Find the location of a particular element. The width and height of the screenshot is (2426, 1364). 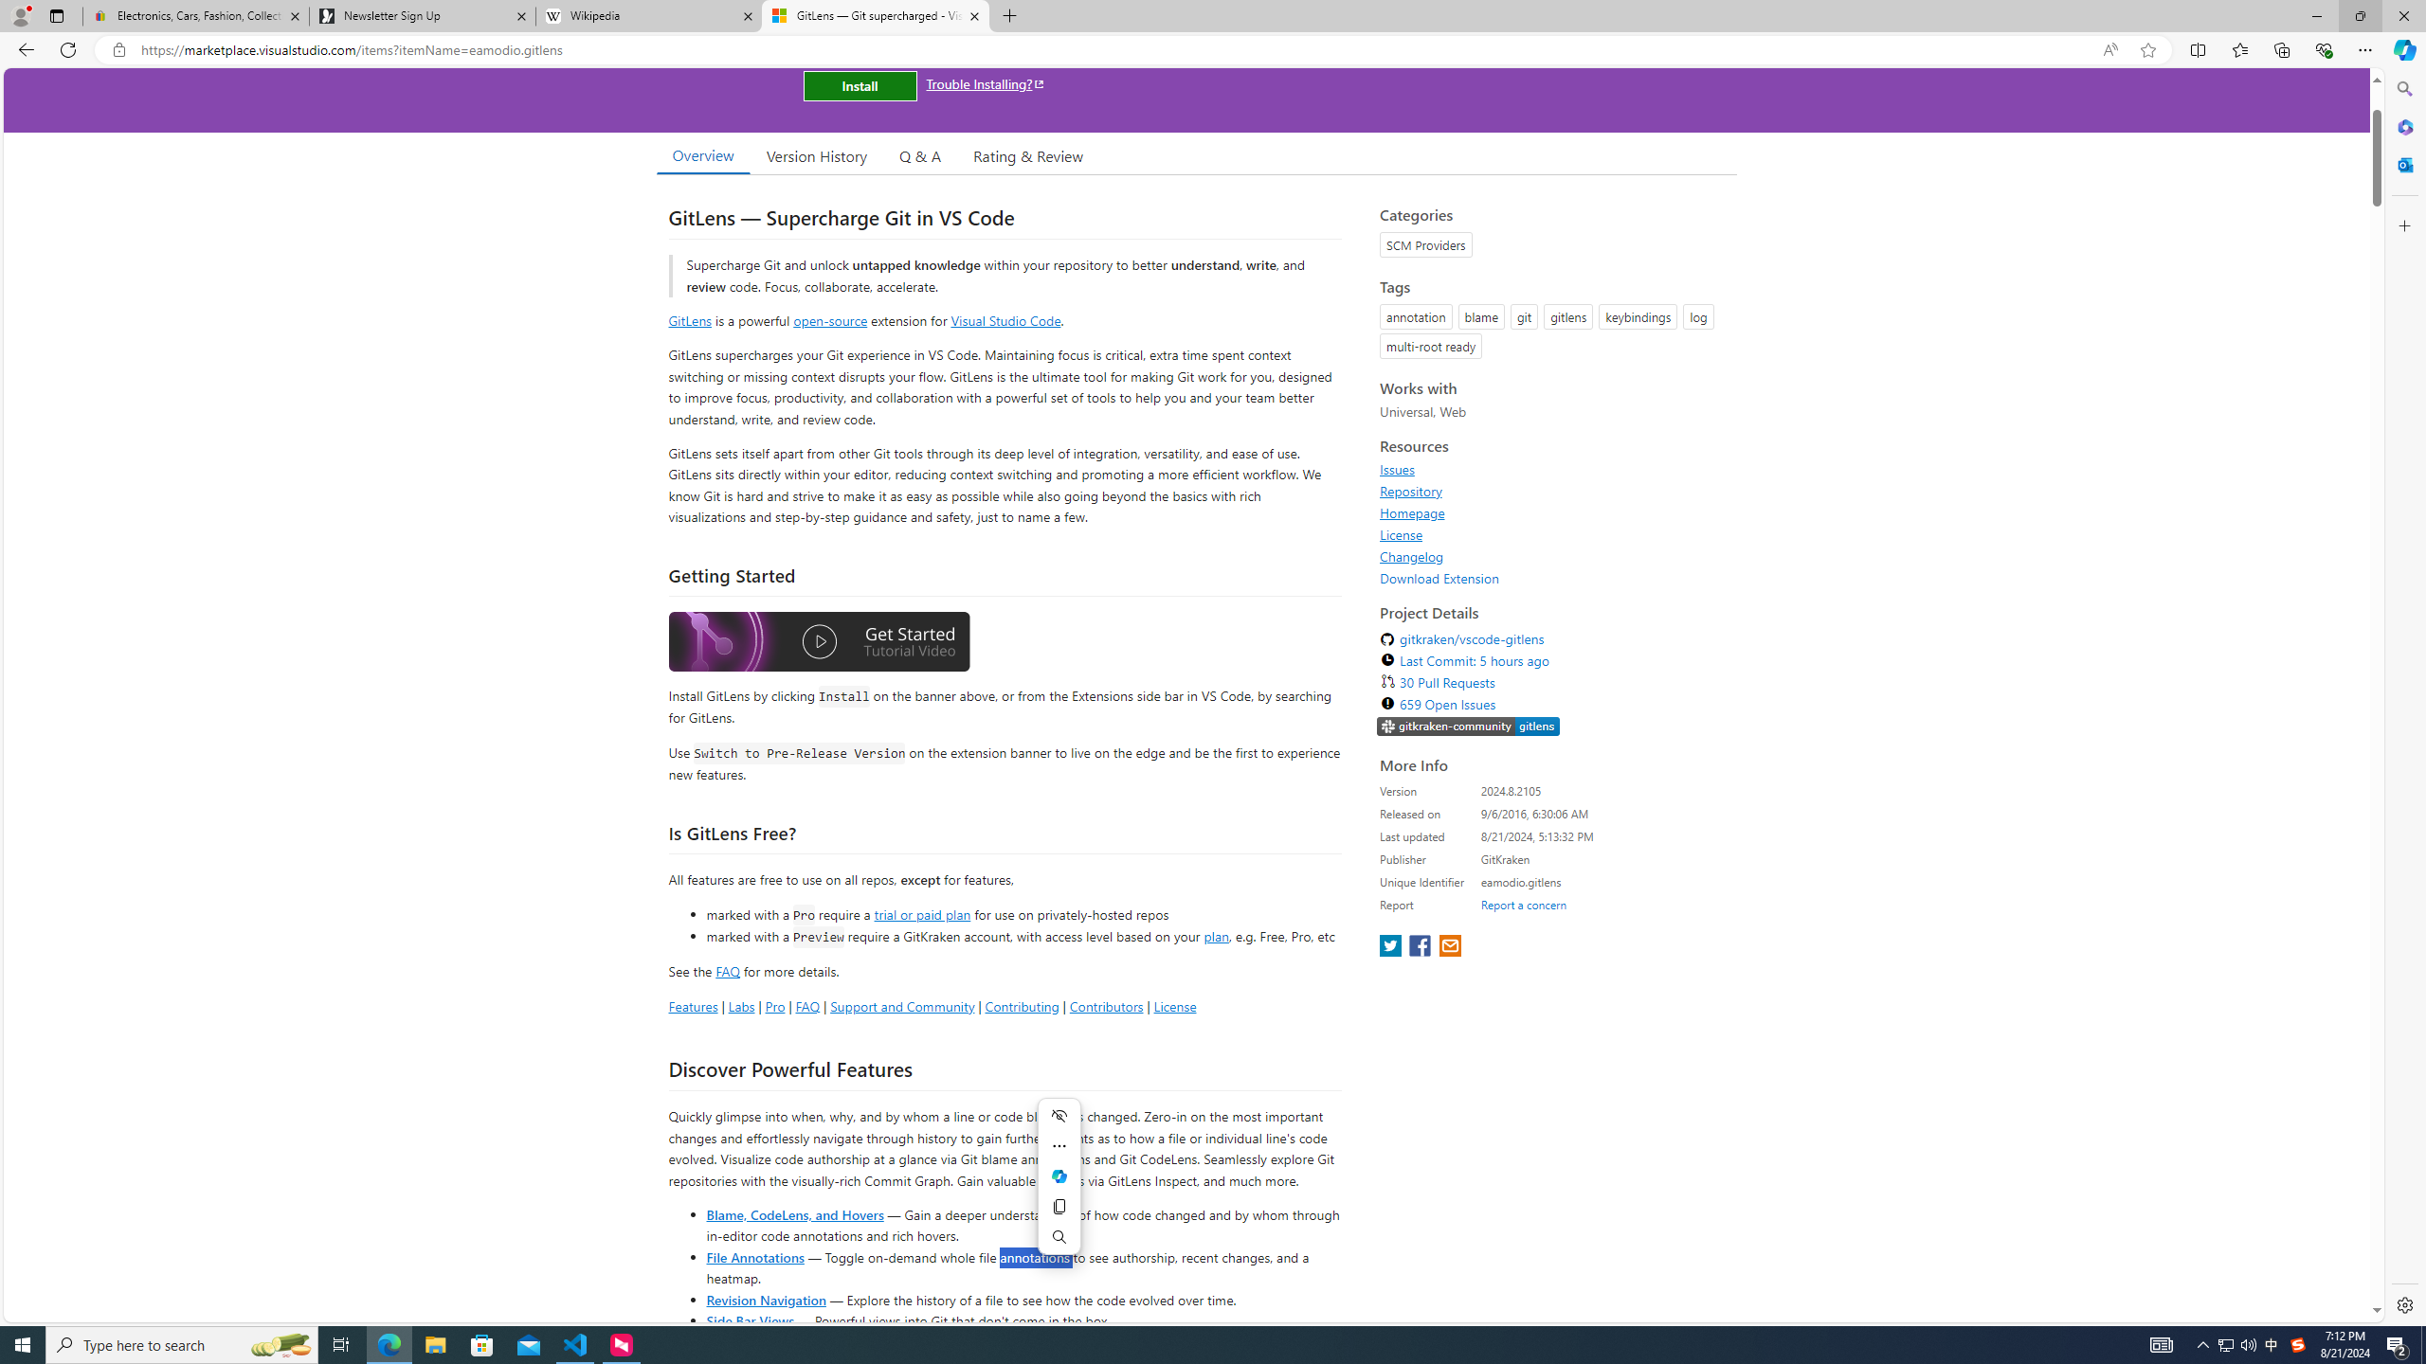

'trial or paid plan' is located at coordinates (920, 913).